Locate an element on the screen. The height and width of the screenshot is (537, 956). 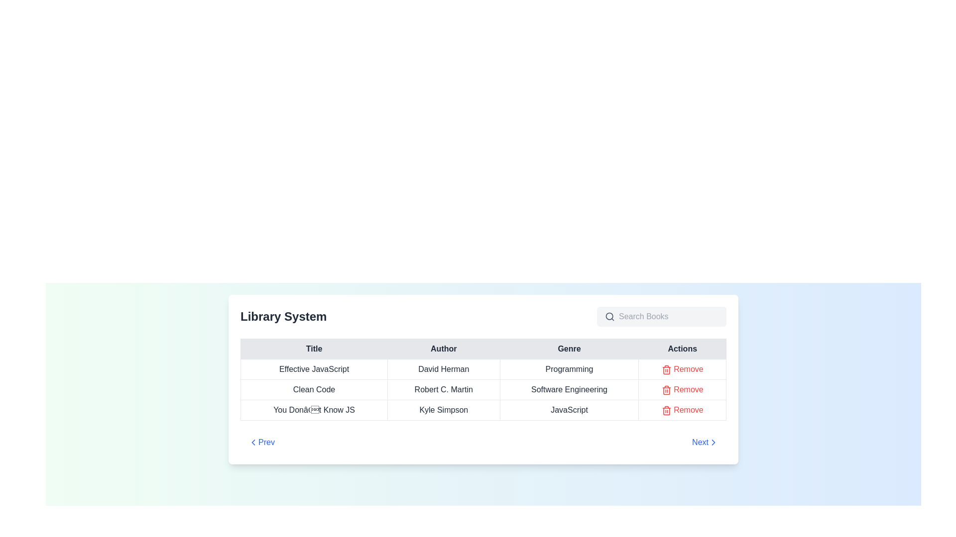
the 'Title' column header cell in the table, which is the first cell from the left in the header row is located at coordinates (314, 349).